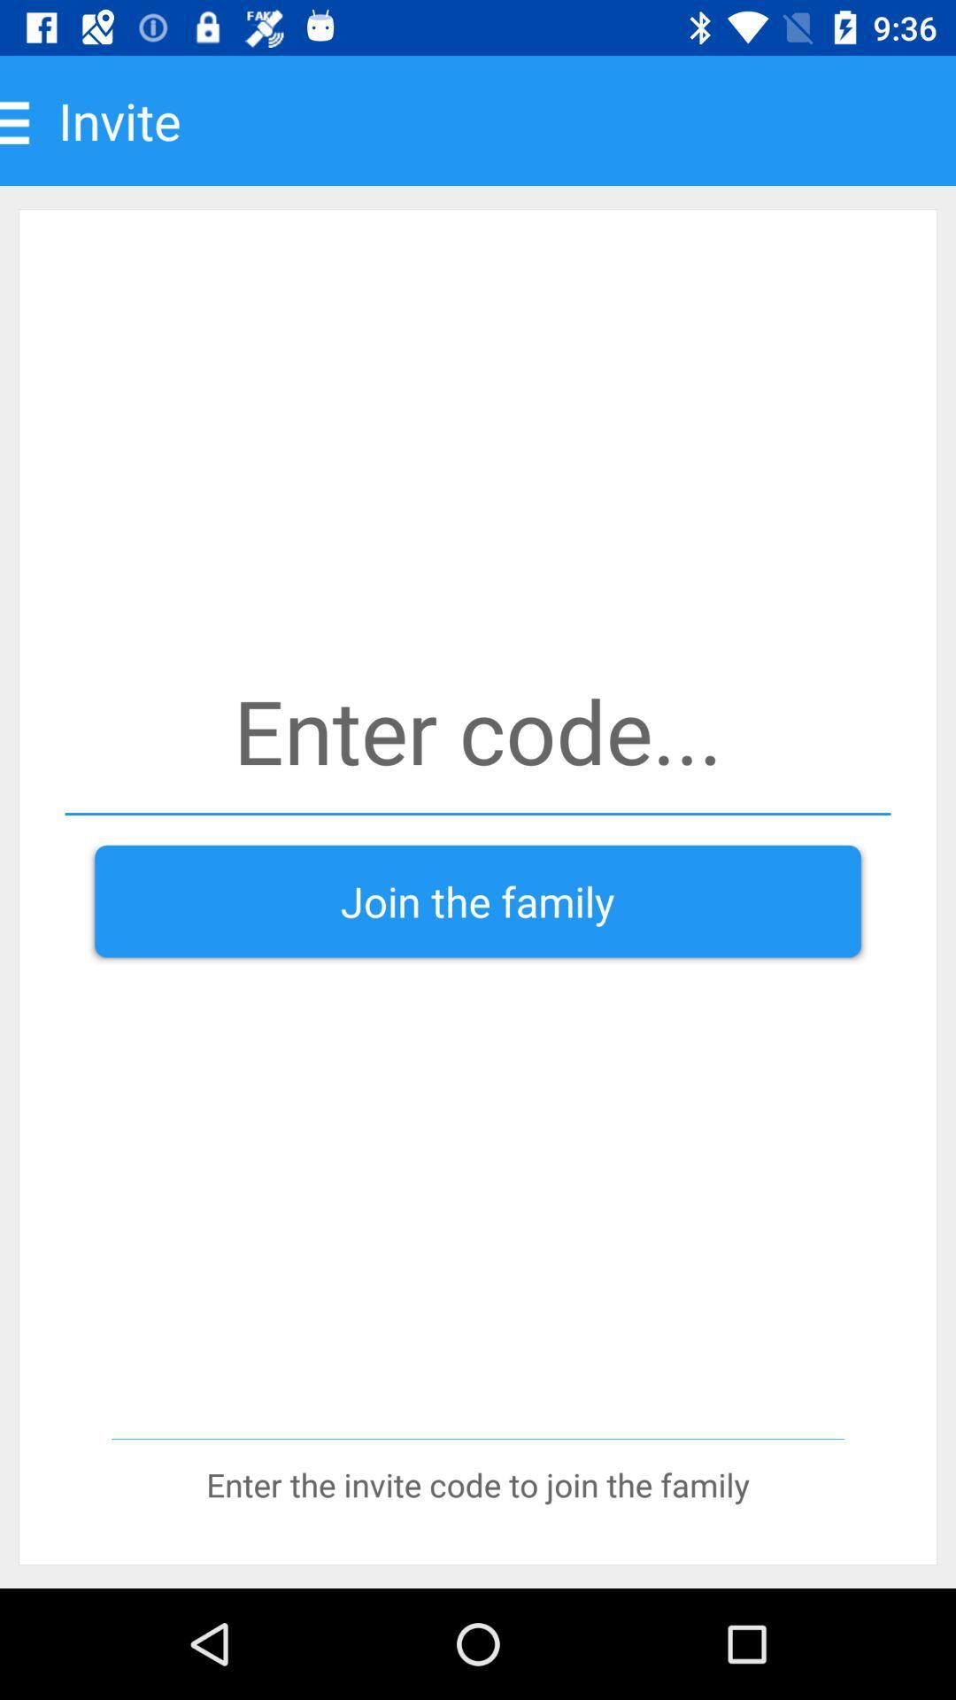  I want to click on code, so click(478, 730).